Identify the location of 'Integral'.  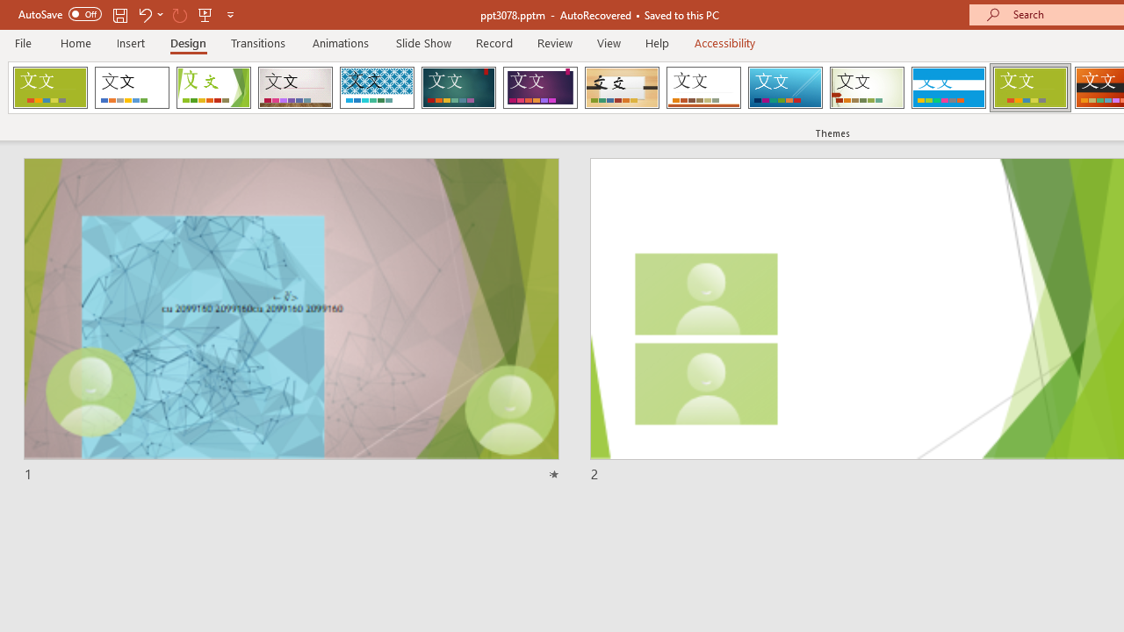
(376, 88).